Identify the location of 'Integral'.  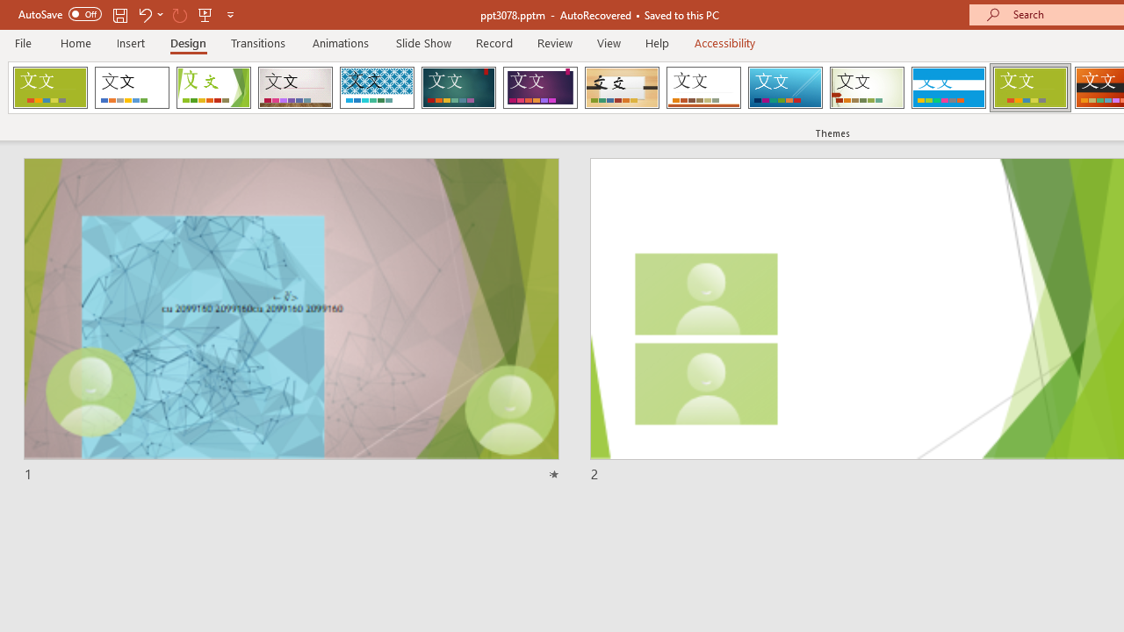
(376, 88).